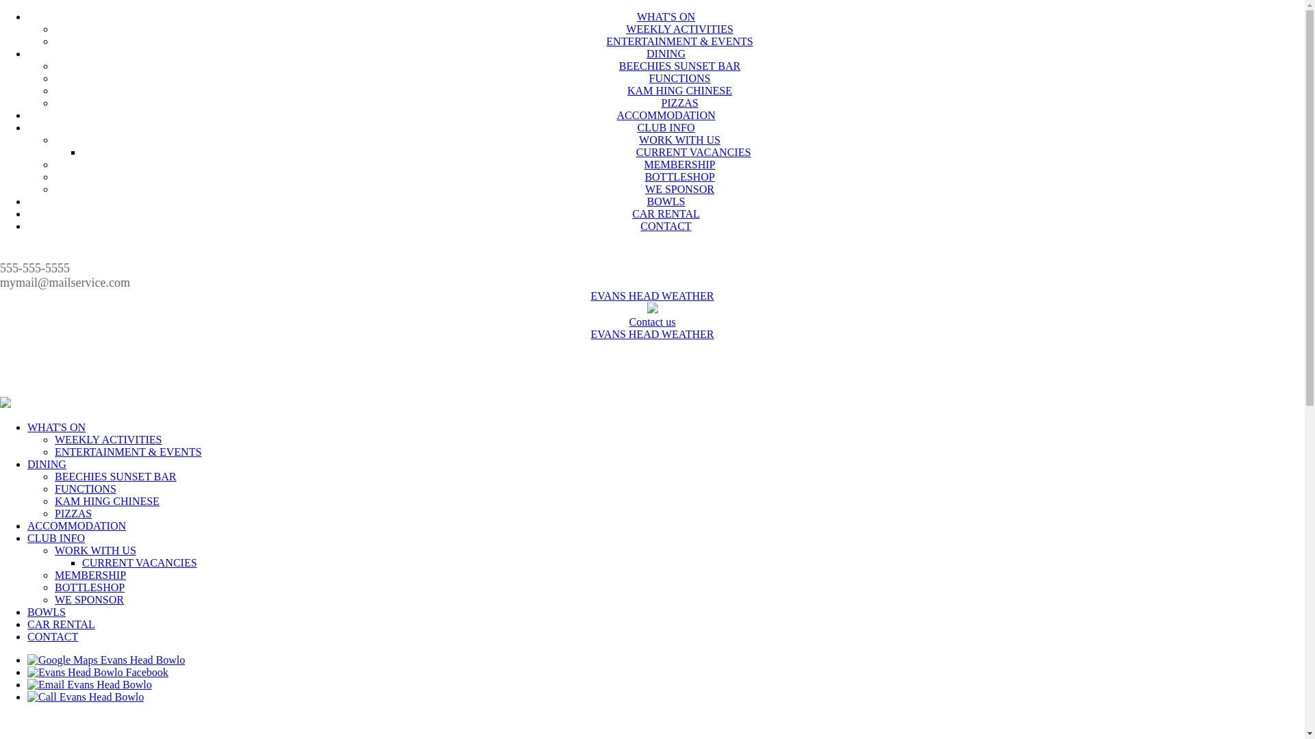 Image resolution: width=1315 pixels, height=739 pixels. Describe the element at coordinates (679, 140) in the screenshot. I see `'WORK WITH US'` at that location.